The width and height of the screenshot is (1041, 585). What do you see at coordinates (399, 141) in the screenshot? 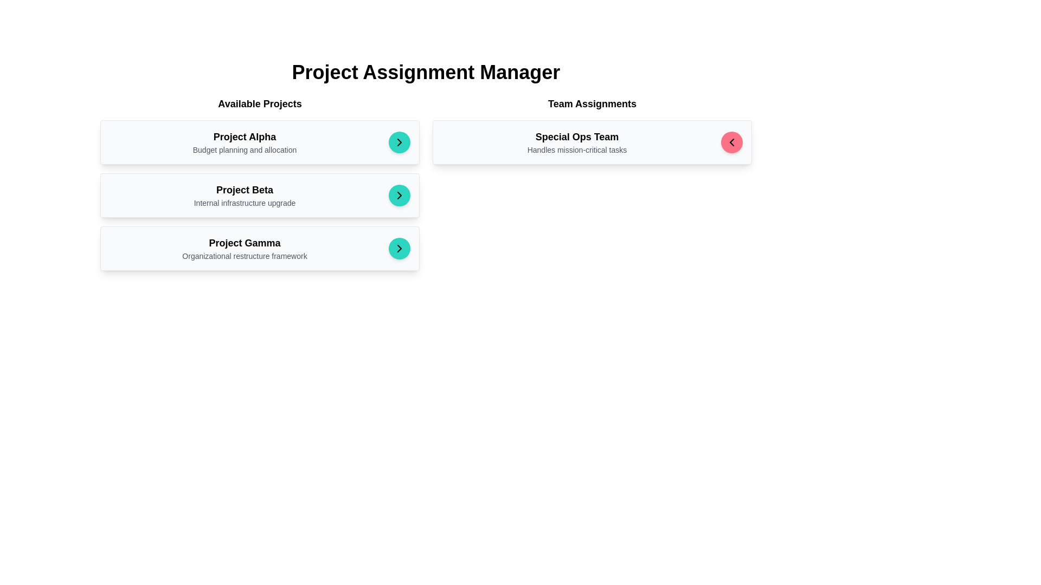
I see `the navigational arrow icon within the button component` at bounding box center [399, 141].